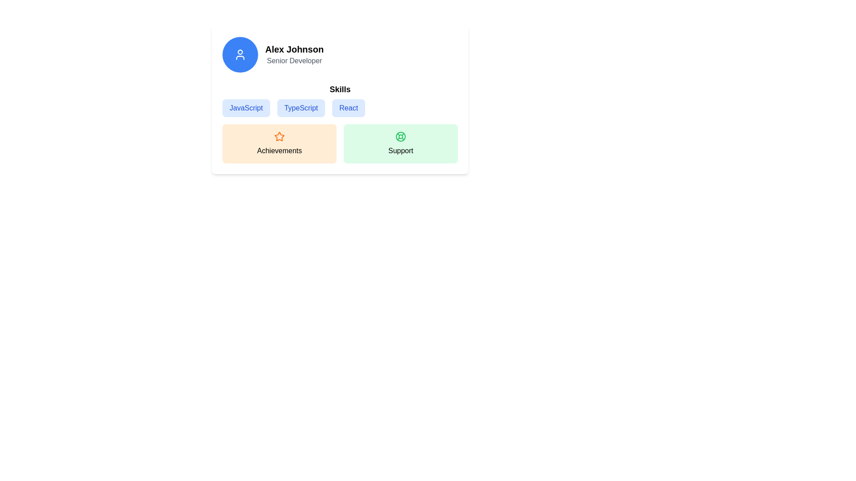 This screenshot has height=481, width=856. Describe the element at coordinates (400, 151) in the screenshot. I see `text of the 'Support' label, which is a textual element displayed in a clean black font within a pale green background, located below a circular lifesaver icon` at that location.